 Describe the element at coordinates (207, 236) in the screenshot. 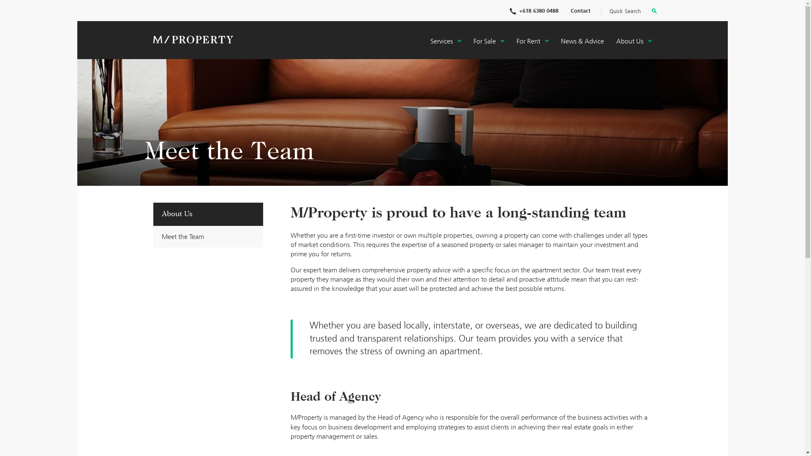

I see `'Meet the Team'` at that location.